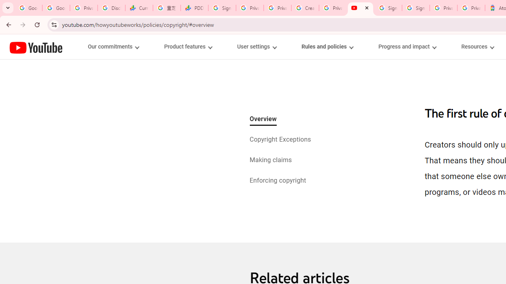 This screenshot has height=284, width=506. What do you see at coordinates (194, 8) in the screenshot?
I see `'PDD Holdings Inc - ADR (PDD) Price & News - Google Finance'` at bounding box center [194, 8].